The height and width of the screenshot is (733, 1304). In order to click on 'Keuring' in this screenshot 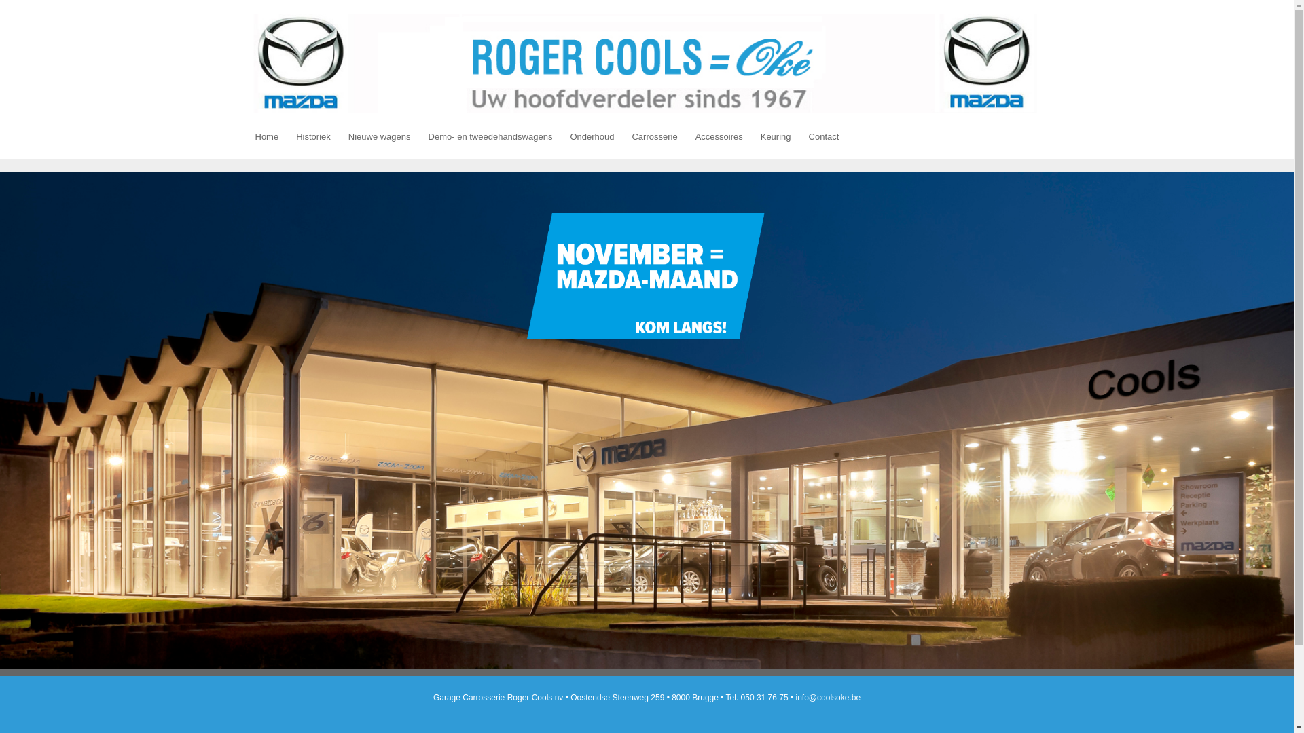, I will do `click(776, 137)`.